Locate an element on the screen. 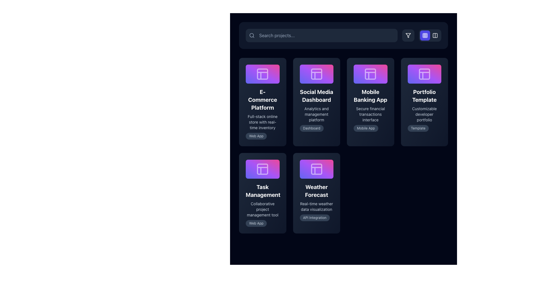 The height and width of the screenshot is (302, 538). the icon representing the 'Social Media Dashboard' project is located at coordinates (316, 74).